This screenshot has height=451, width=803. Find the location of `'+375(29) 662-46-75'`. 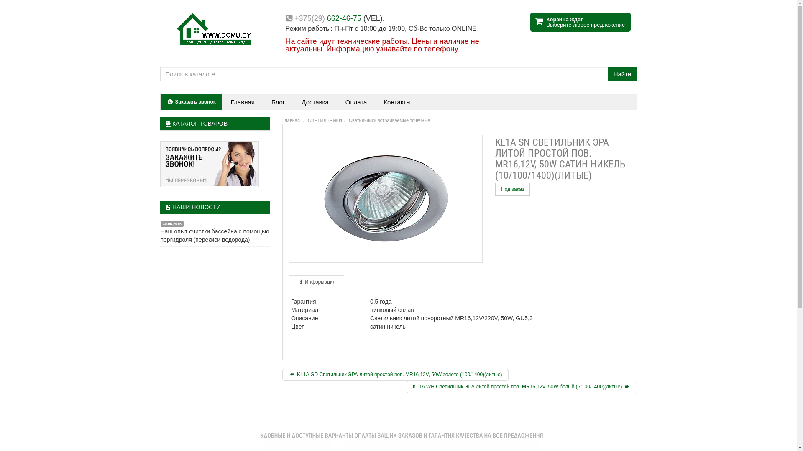

'+375(29) 662-46-75' is located at coordinates (327, 18).